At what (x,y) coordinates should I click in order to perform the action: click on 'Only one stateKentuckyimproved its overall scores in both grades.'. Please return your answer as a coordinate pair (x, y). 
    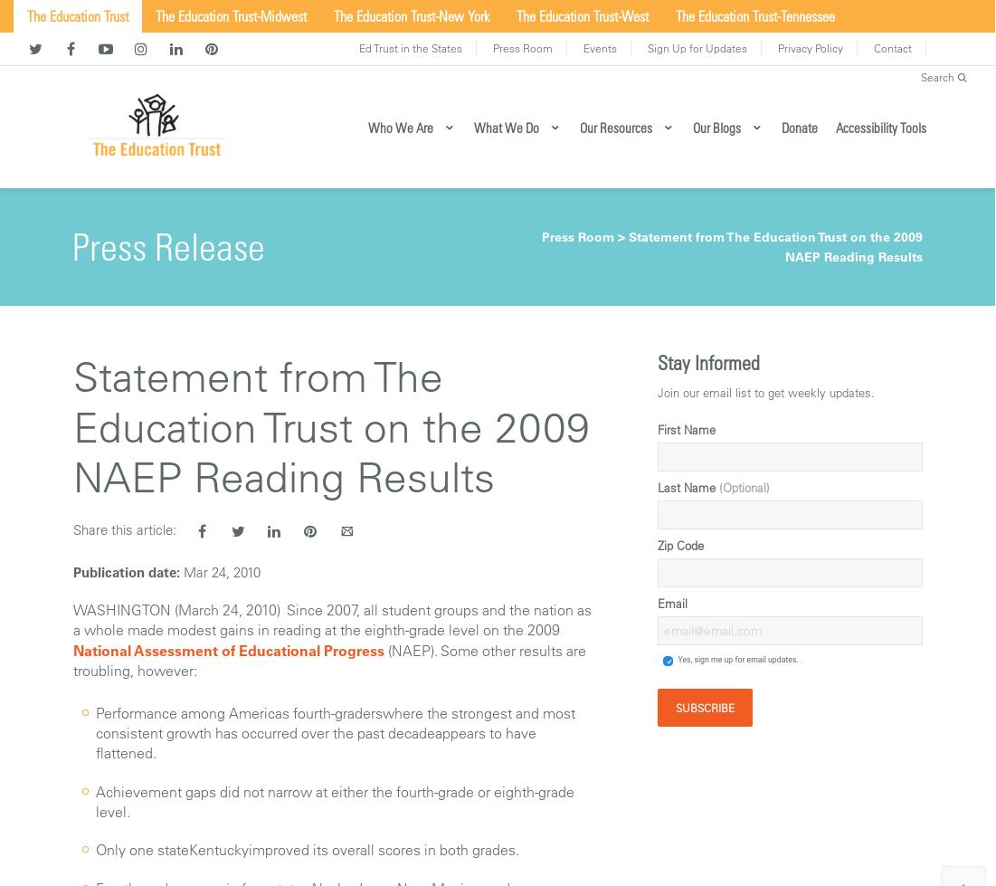
    Looking at the image, I should click on (307, 848).